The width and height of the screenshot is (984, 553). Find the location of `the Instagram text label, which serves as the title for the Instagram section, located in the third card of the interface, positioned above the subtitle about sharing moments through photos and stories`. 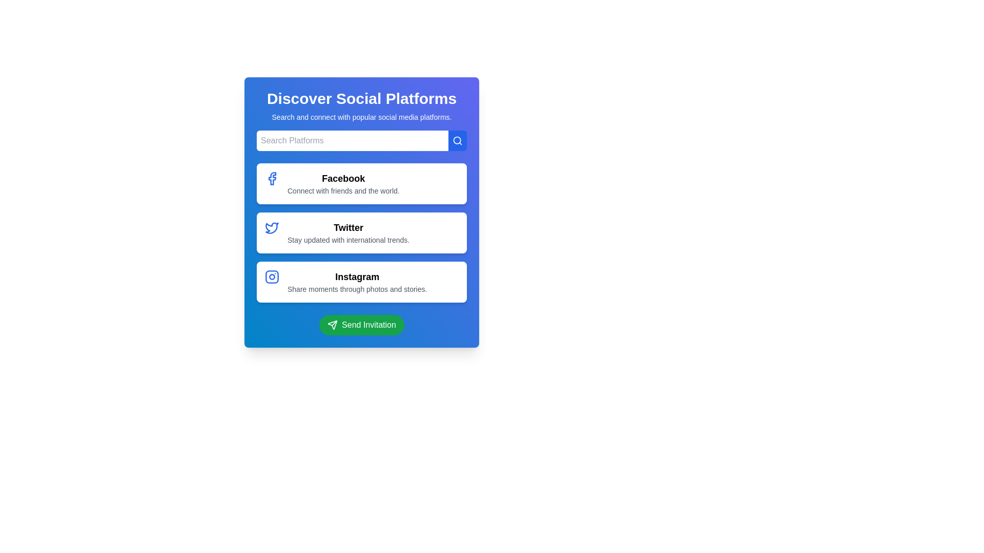

the Instagram text label, which serves as the title for the Instagram section, located in the third card of the interface, positioned above the subtitle about sharing moments through photos and stories is located at coordinates (357, 276).